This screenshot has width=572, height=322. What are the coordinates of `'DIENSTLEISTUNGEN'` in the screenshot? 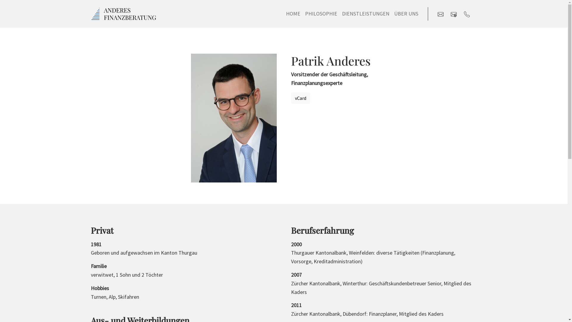 It's located at (340, 13).